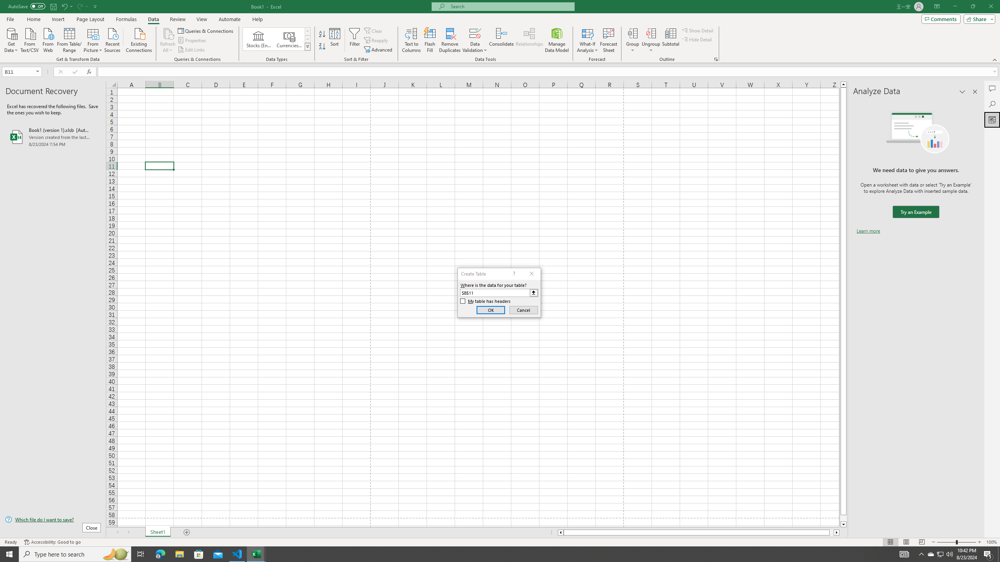  Describe the element at coordinates (93, 39) in the screenshot. I see `'From Picture'` at that location.